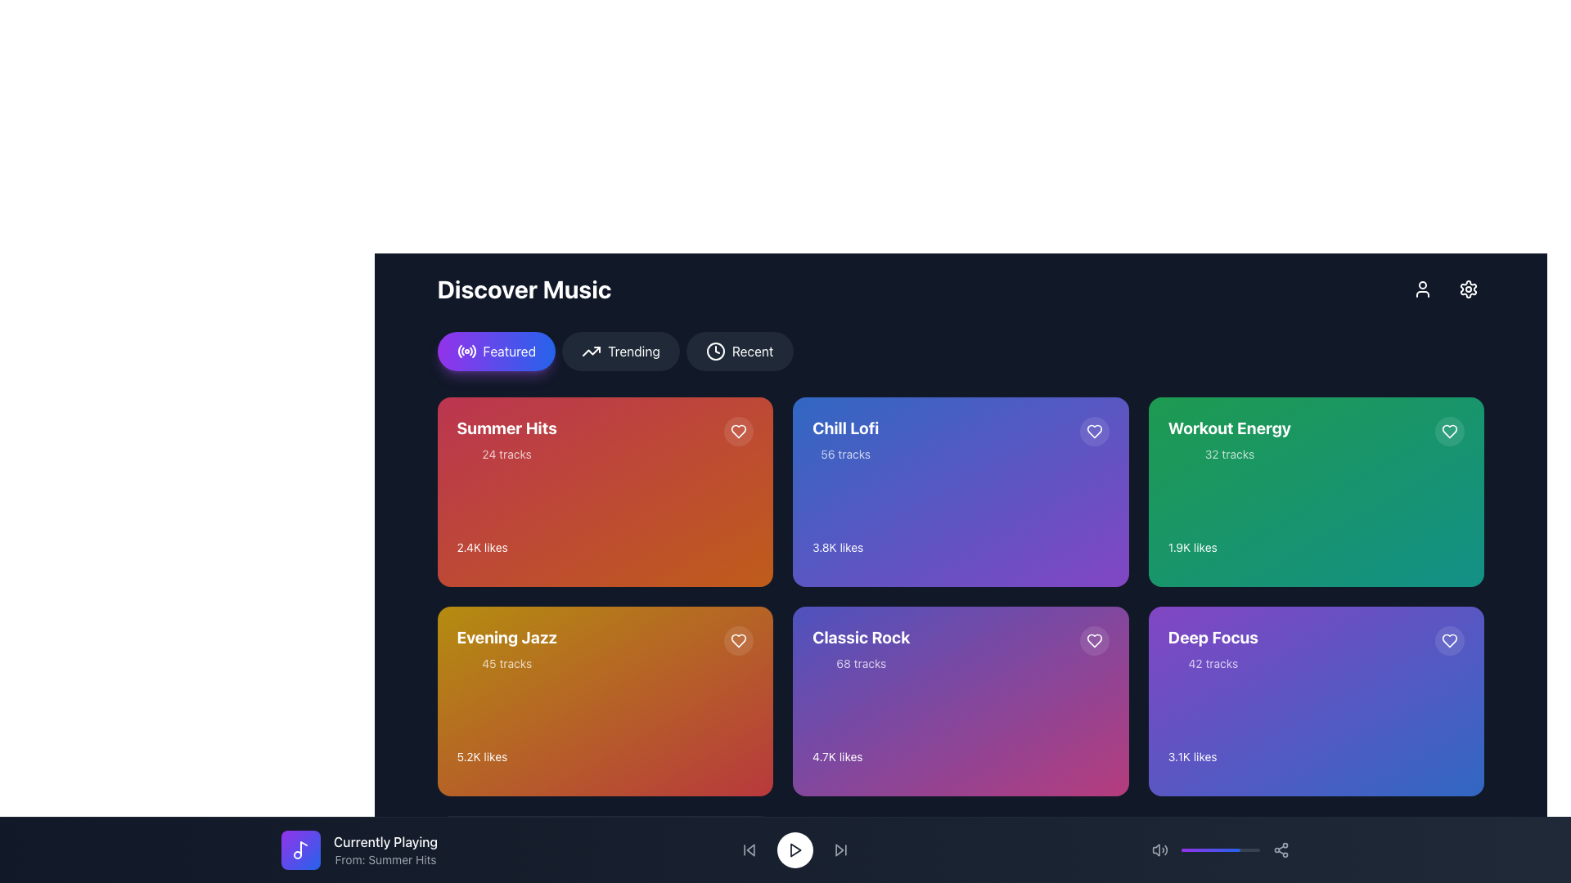  What do you see at coordinates (604, 700) in the screenshot?
I see `the 'Evening Jazz' playlist tile, which is located in the second row and first column of the grid layout` at bounding box center [604, 700].